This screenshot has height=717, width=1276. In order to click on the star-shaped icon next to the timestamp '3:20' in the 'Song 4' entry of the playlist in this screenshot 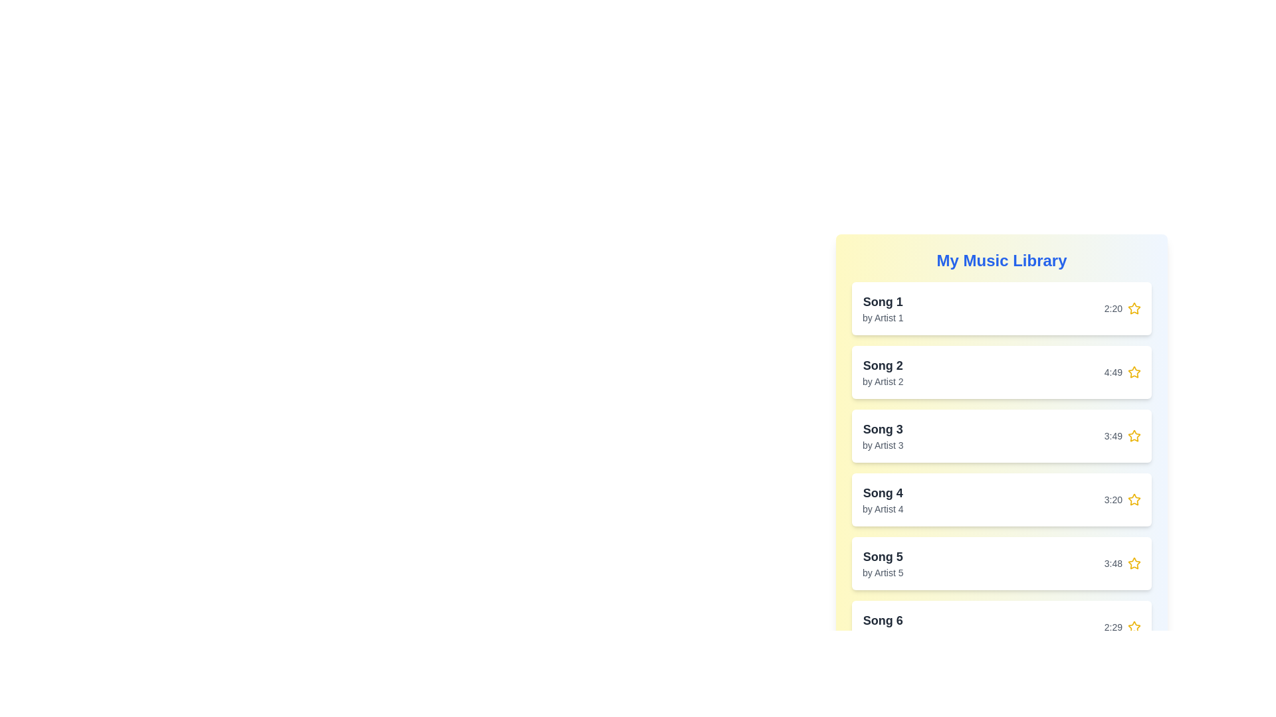, I will do `click(1134, 499)`.